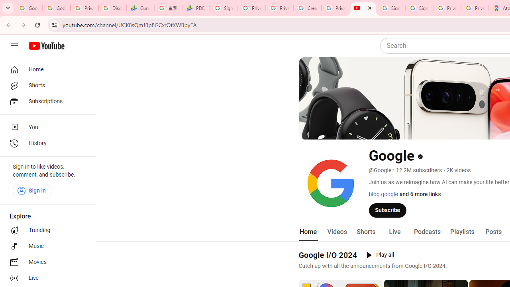 This screenshot has width=510, height=287. I want to click on 'Playlists', so click(462, 232).